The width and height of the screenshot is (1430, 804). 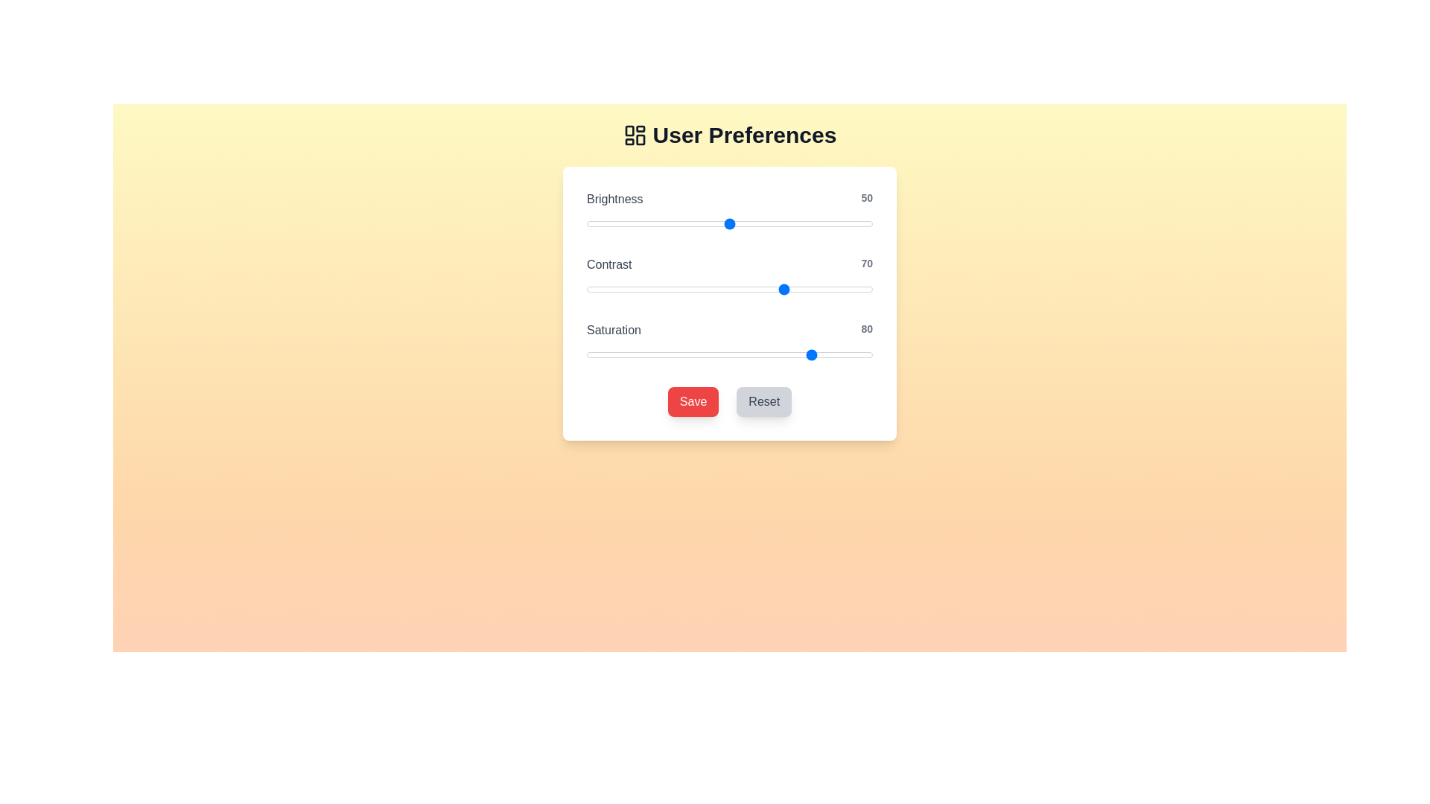 I want to click on 'Reset' button to revert changes, so click(x=764, y=402).